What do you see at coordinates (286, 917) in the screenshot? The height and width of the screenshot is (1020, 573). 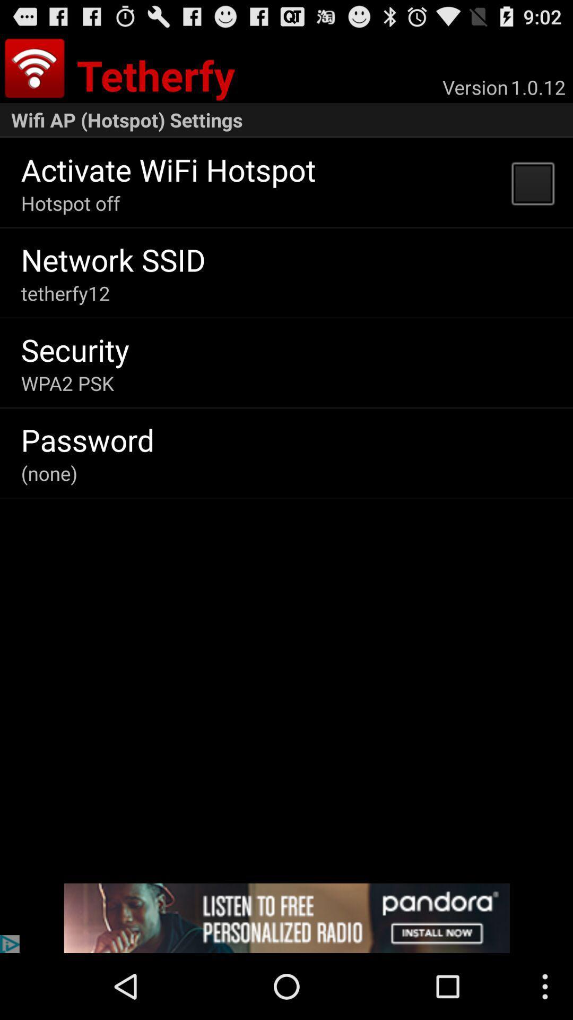 I see `install pandora` at bounding box center [286, 917].